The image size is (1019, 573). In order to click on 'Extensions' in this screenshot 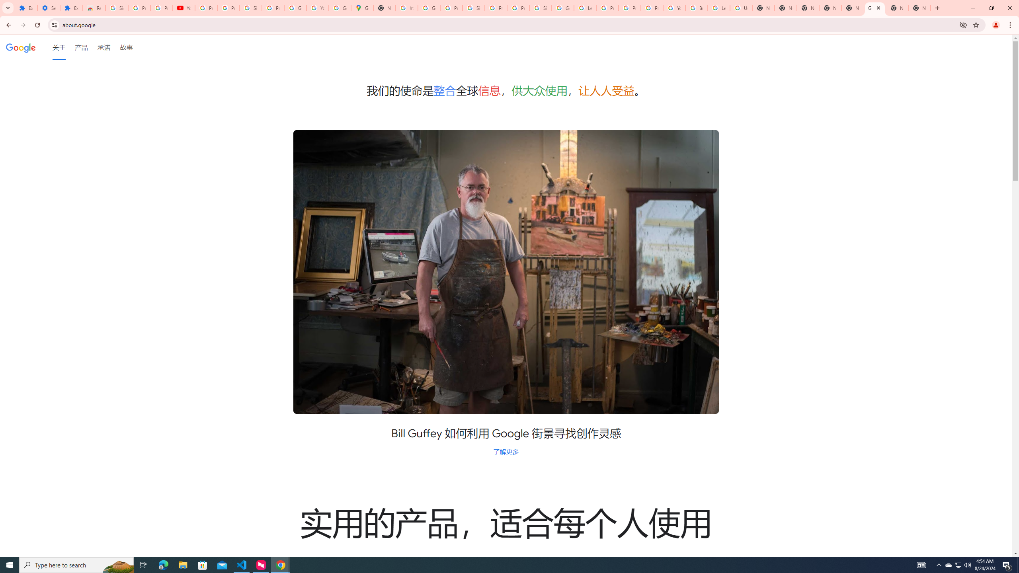, I will do `click(26, 8)`.